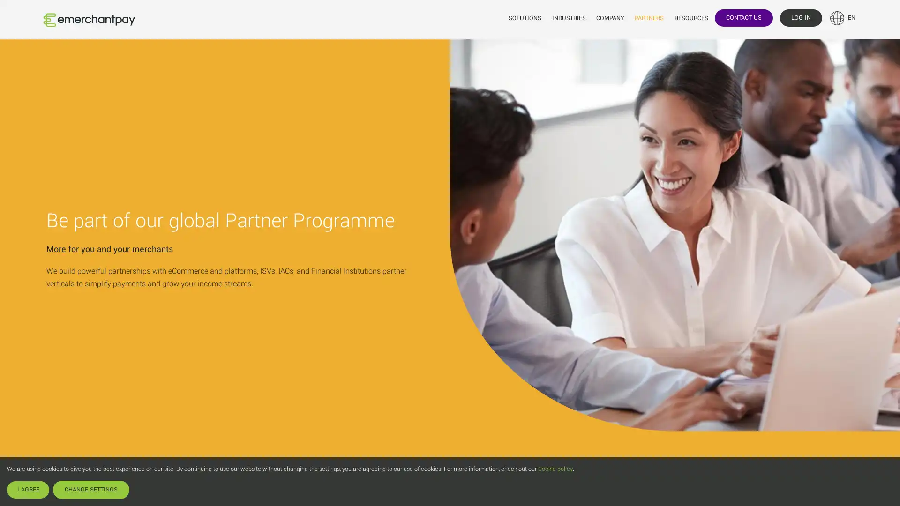  What do you see at coordinates (28, 489) in the screenshot?
I see `I AGREE` at bounding box center [28, 489].